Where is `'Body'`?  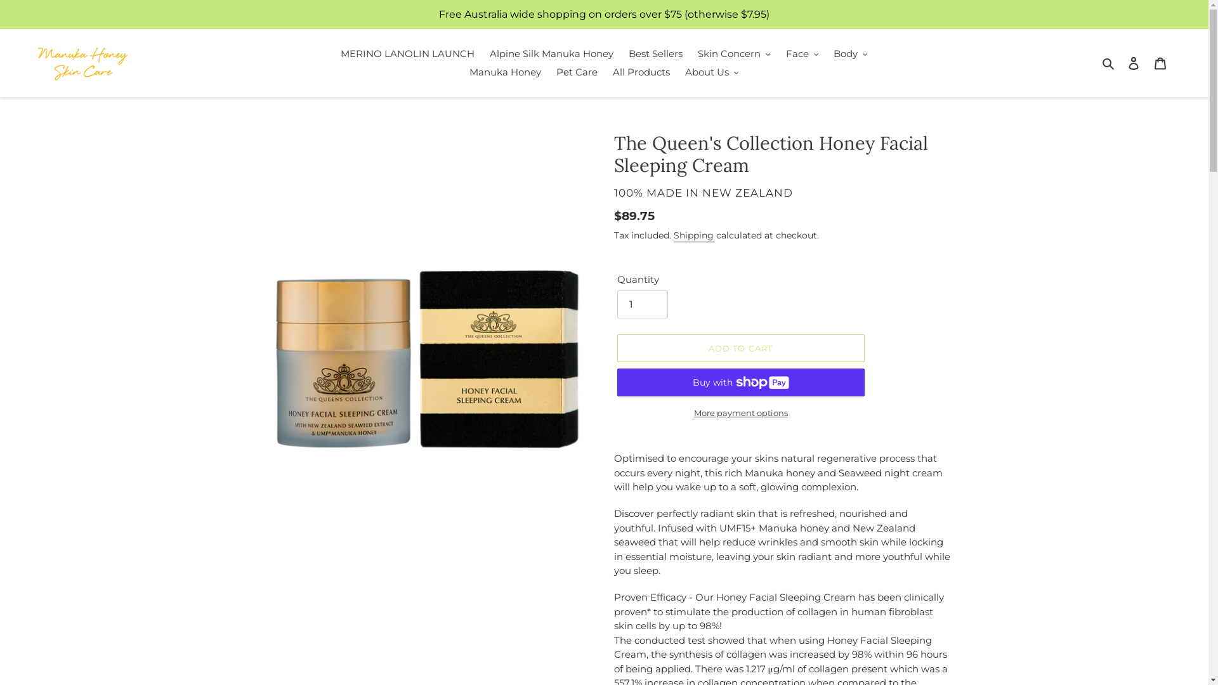
'Body' is located at coordinates (850, 53).